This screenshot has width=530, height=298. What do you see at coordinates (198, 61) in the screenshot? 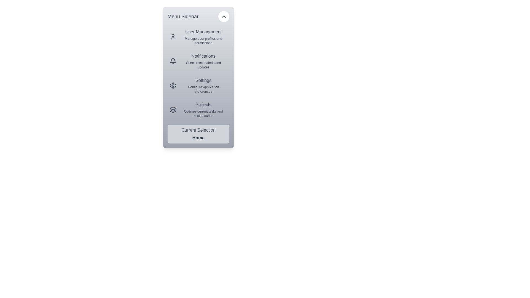
I see `the 'Notifications' menu item in the sidebar, which is the second item in the vertical list with a bell icon and a title in bold` at bounding box center [198, 61].